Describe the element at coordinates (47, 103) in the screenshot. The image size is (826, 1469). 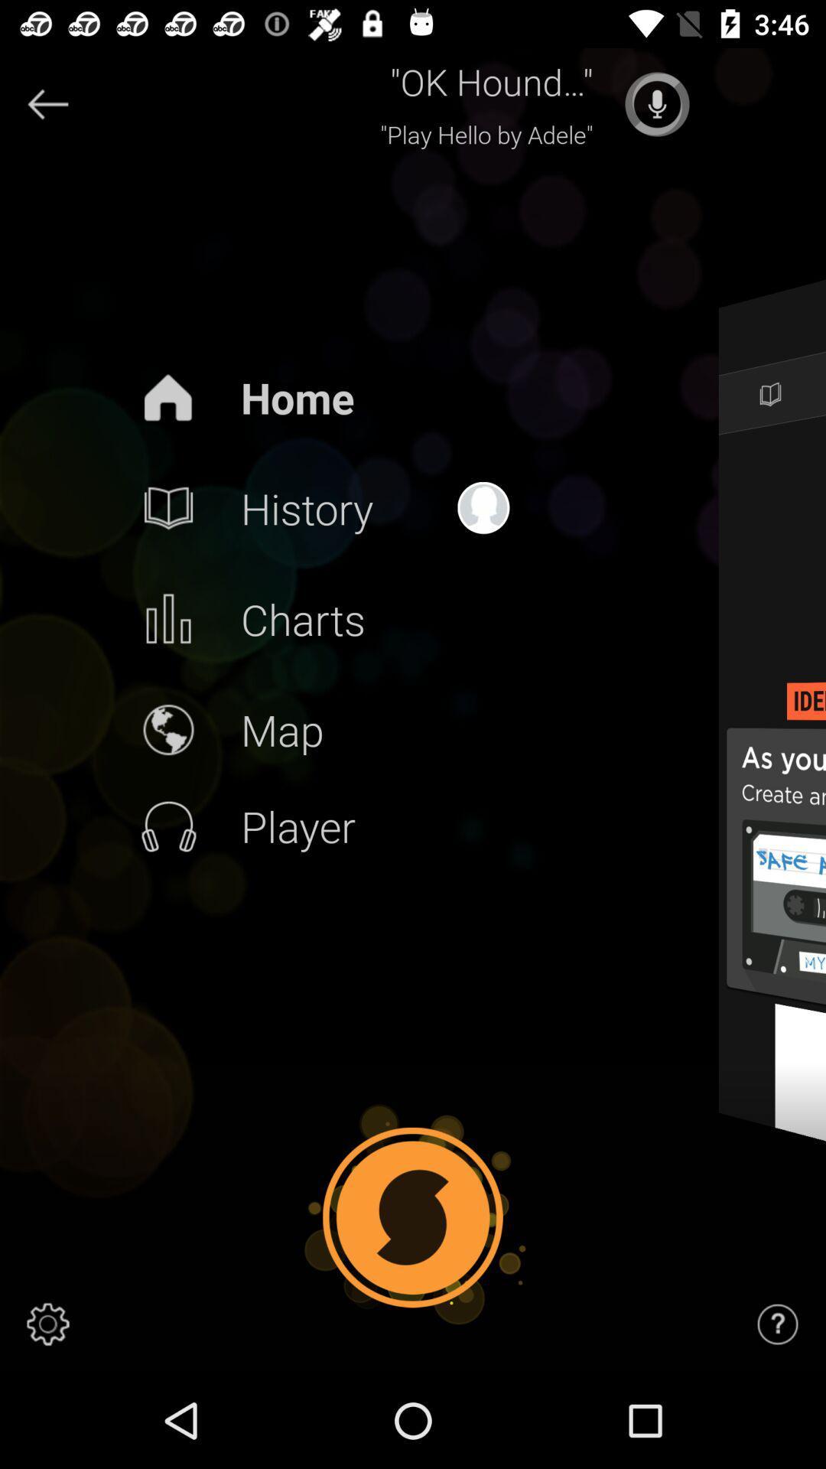
I see `the arrow_backward icon` at that location.